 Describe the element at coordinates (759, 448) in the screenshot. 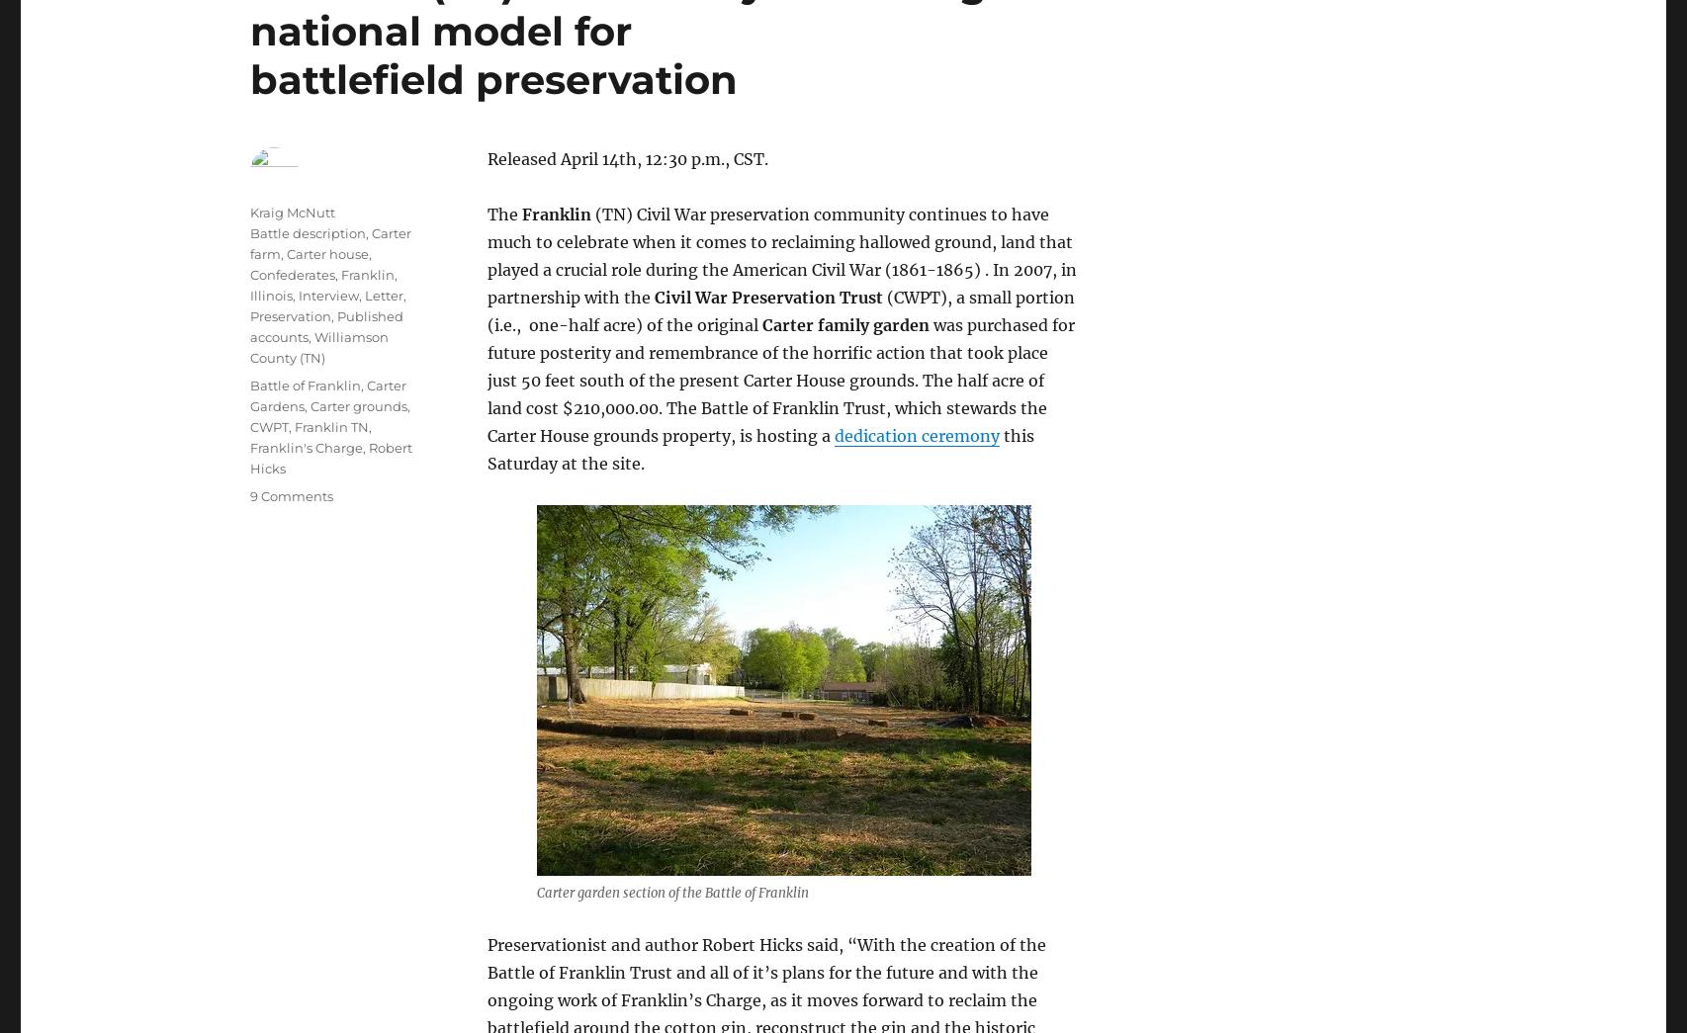

I see `'this Saturday at the site.'` at that location.